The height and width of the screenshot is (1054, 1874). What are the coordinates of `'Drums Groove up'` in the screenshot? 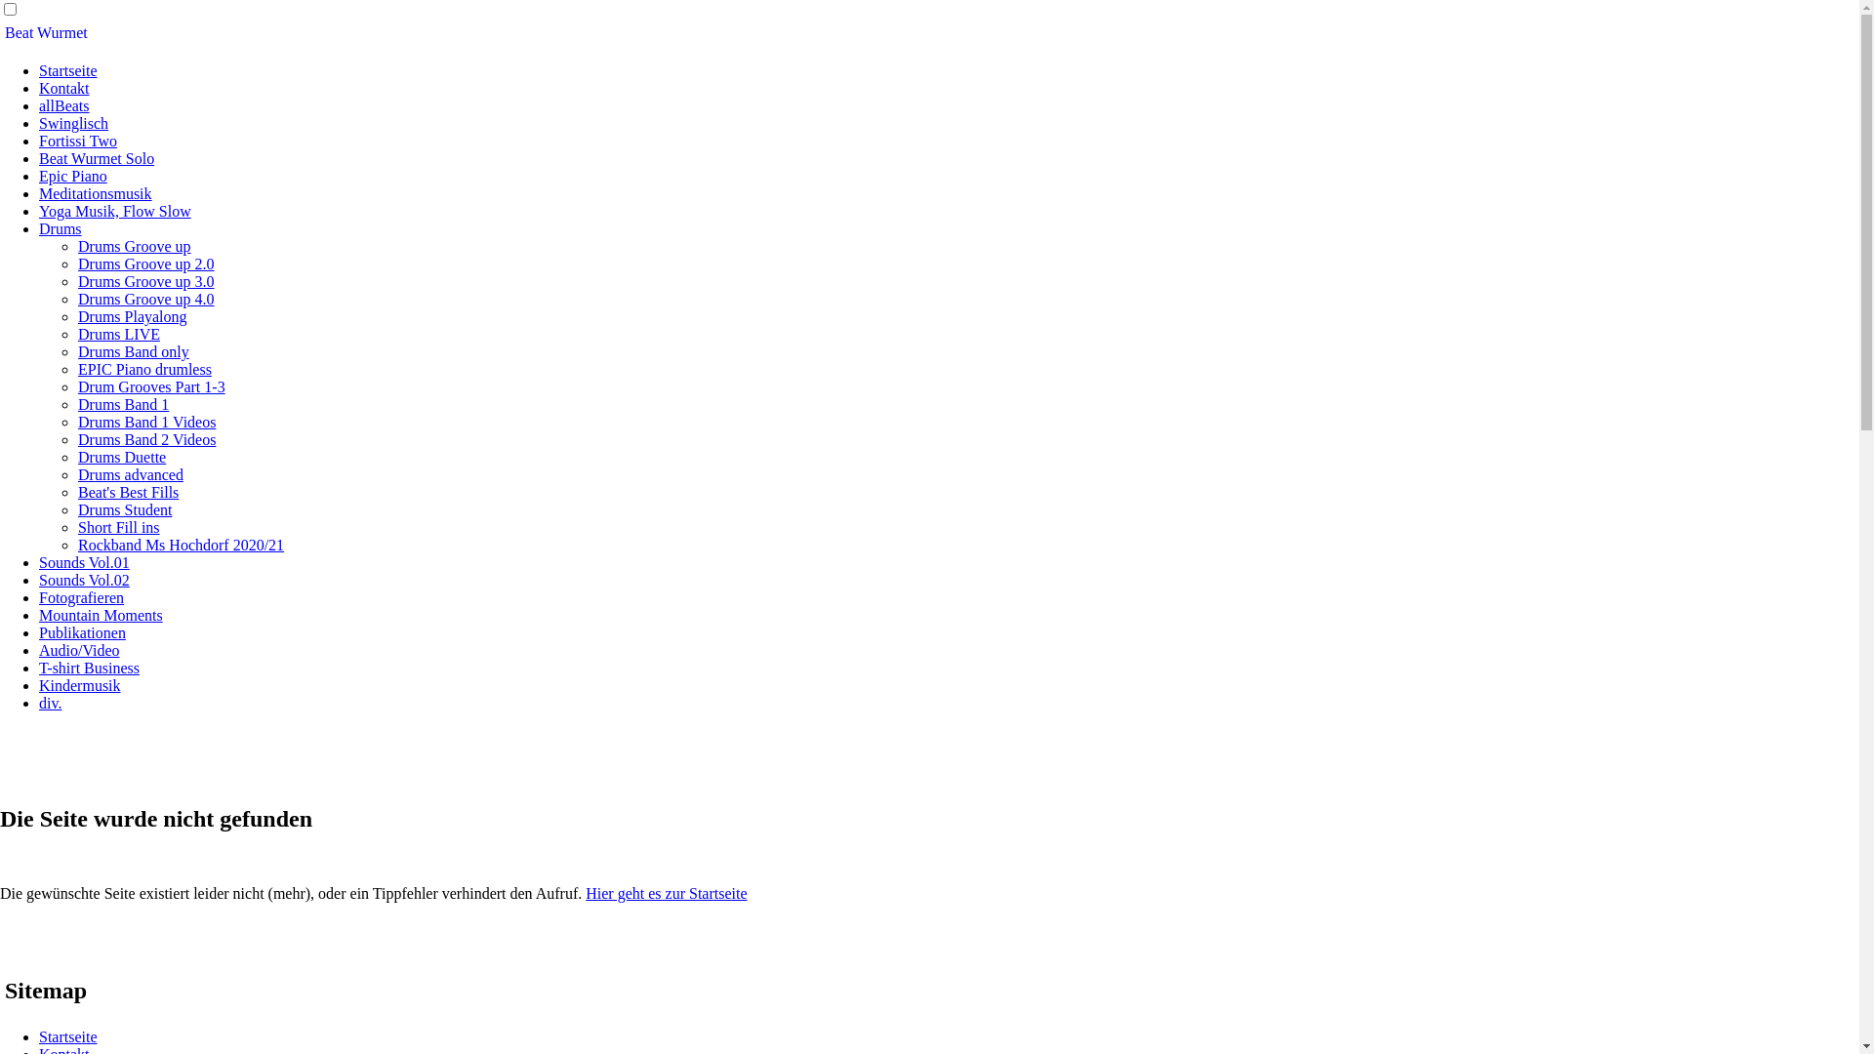 It's located at (78, 245).